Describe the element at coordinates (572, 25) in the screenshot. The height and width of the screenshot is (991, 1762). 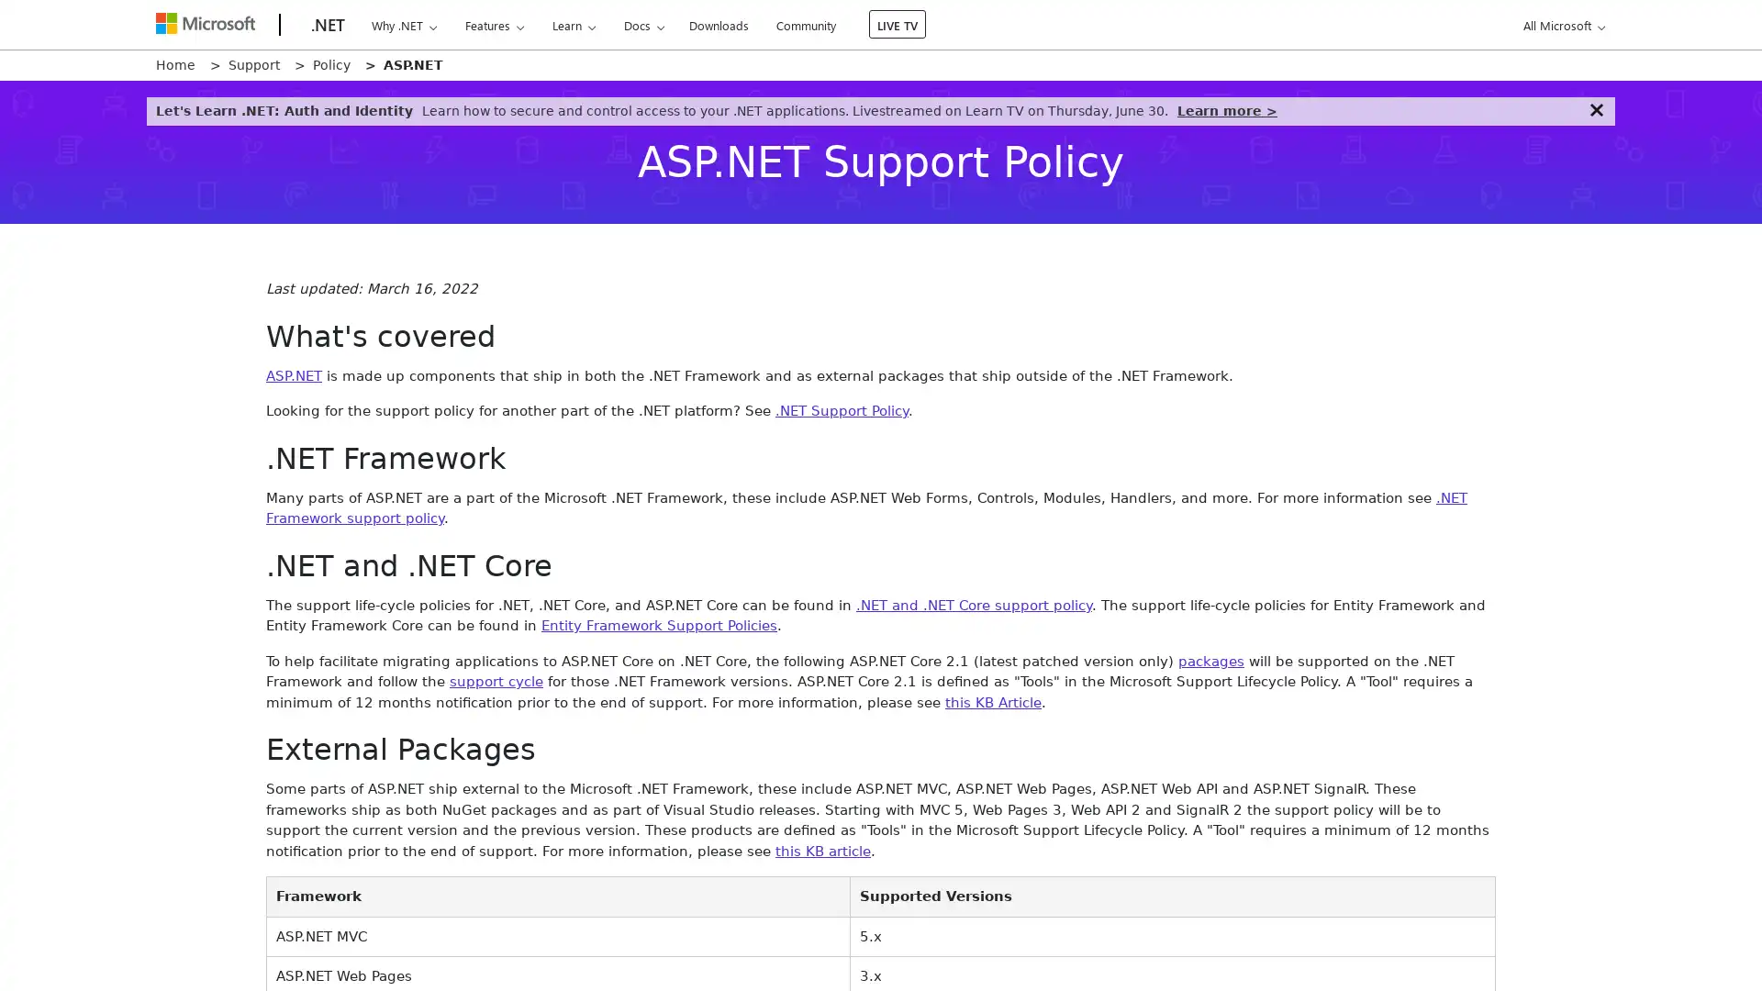
I see `Learn` at that location.